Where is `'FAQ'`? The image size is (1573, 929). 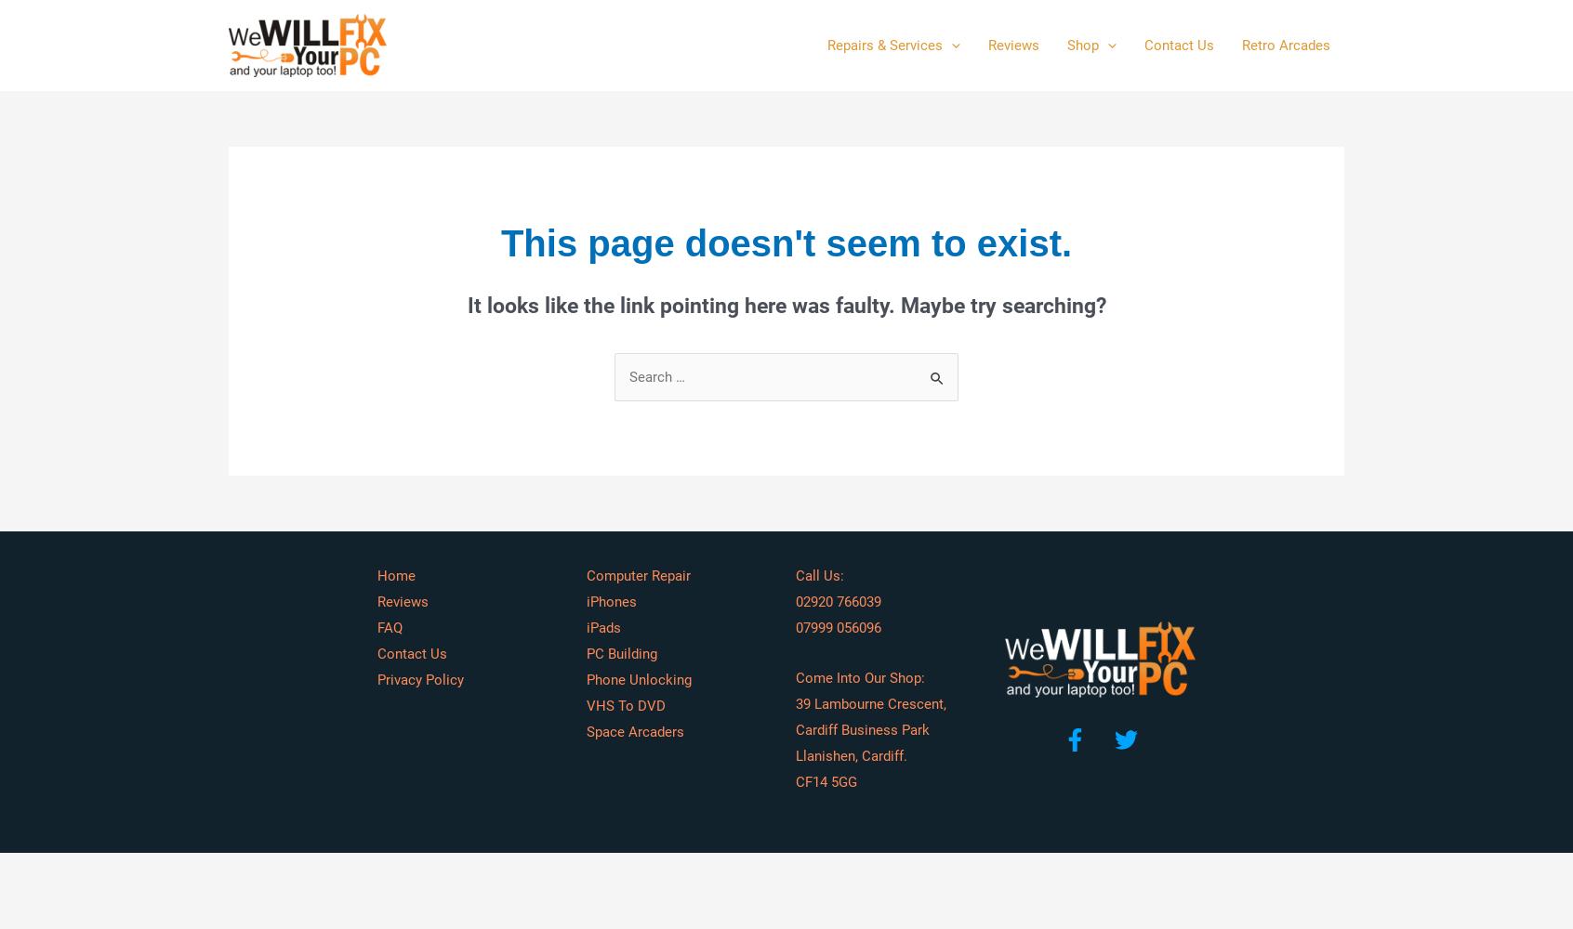 'FAQ' is located at coordinates (377, 628).